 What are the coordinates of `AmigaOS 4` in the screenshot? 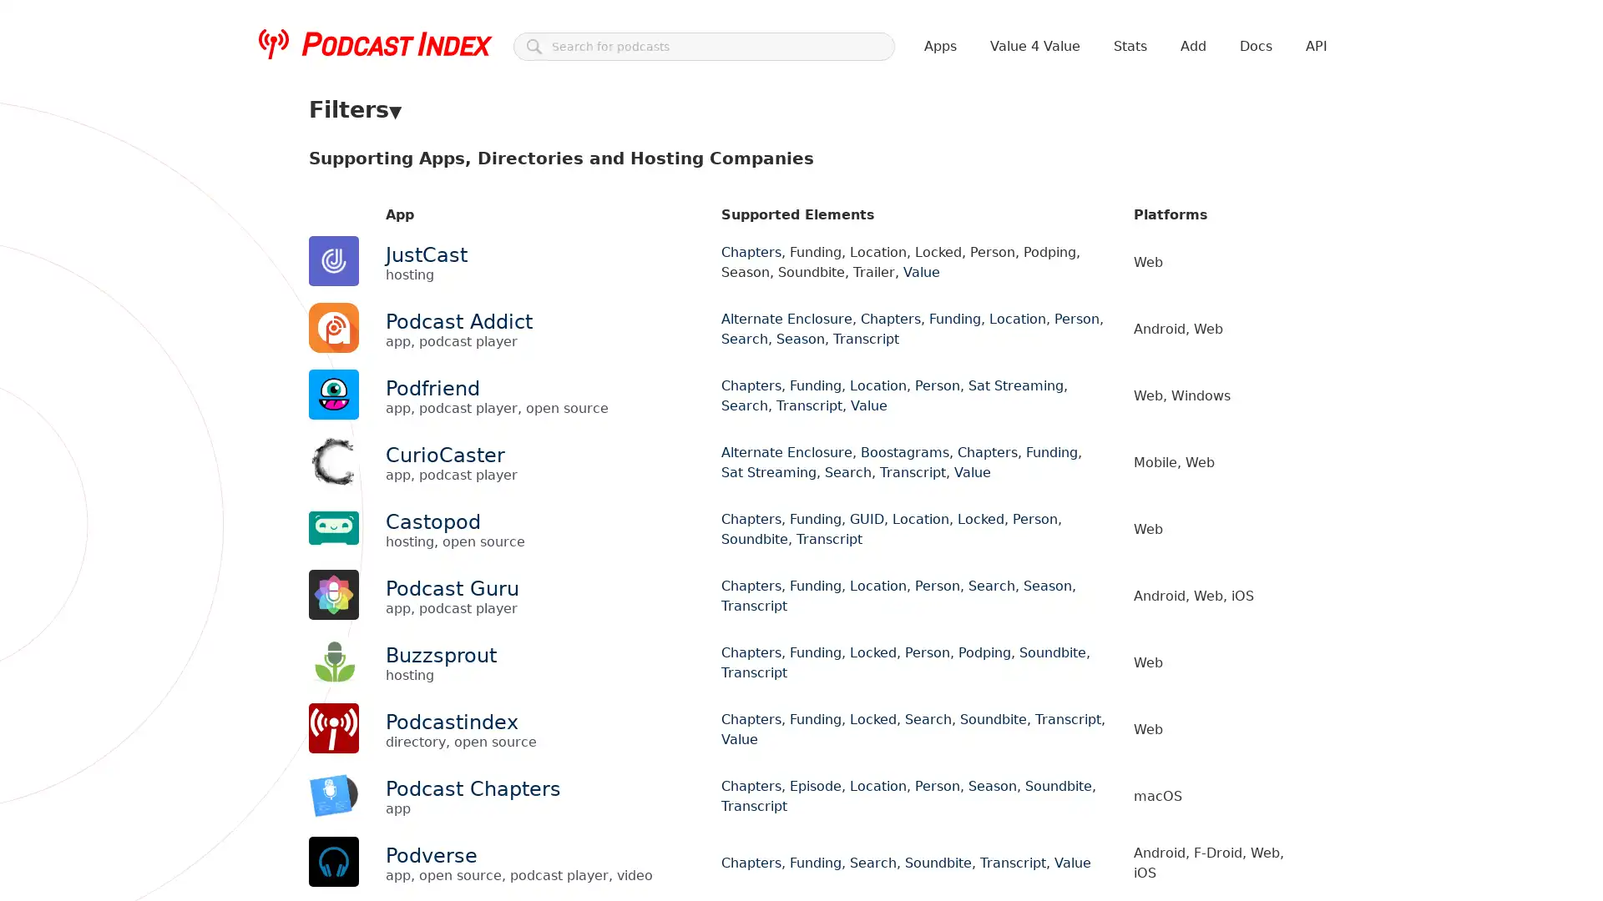 It's located at (394, 342).